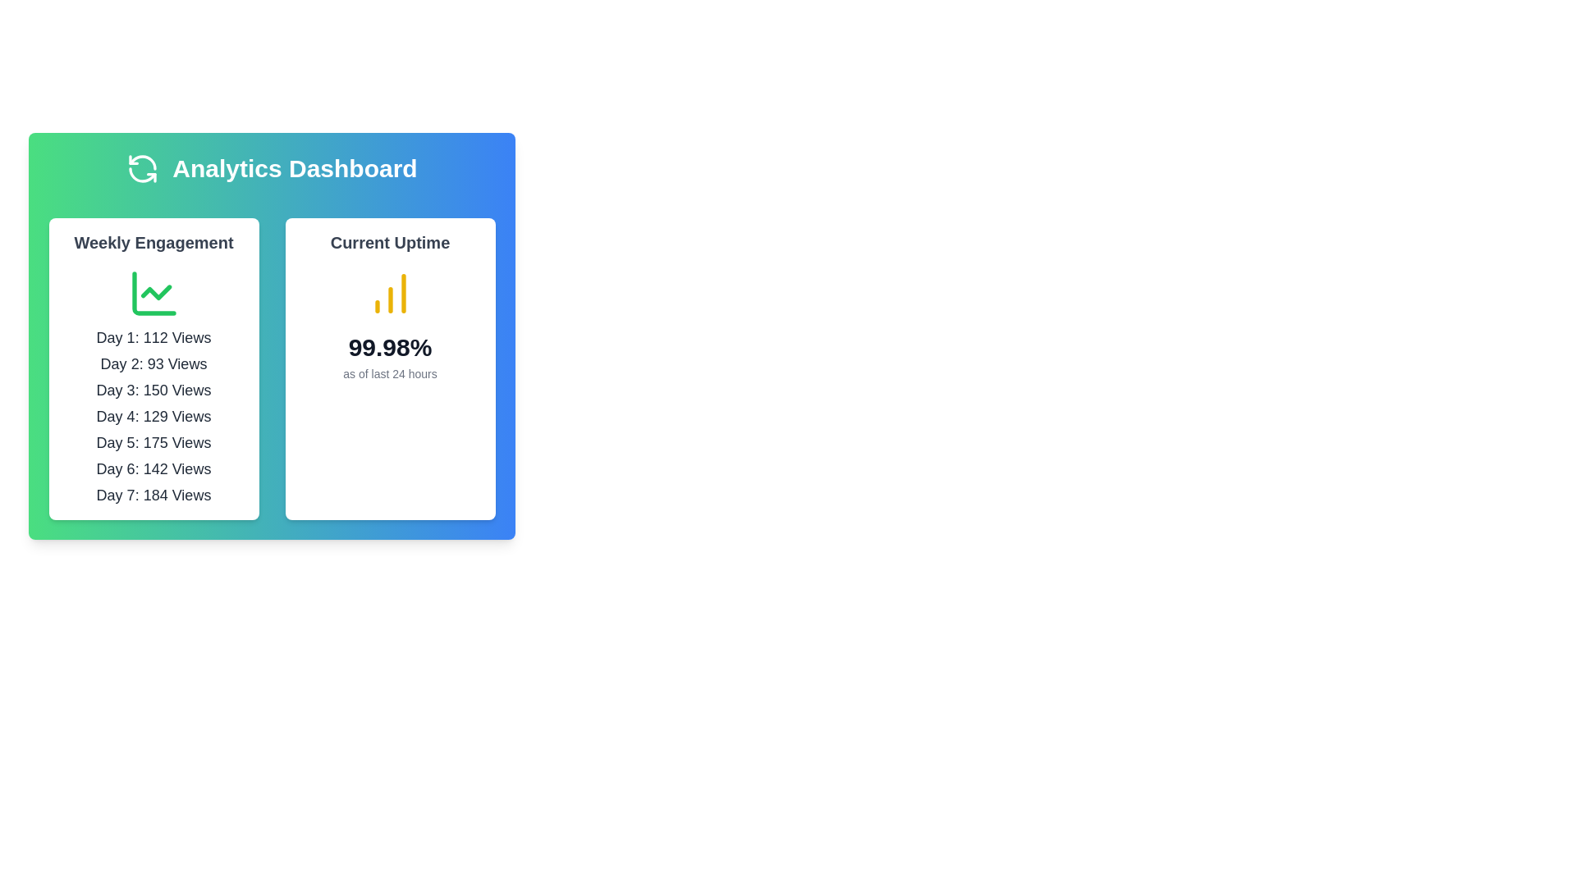 The image size is (1576, 886). I want to click on the card component displaying the system's uptime percentage, so click(389, 369).